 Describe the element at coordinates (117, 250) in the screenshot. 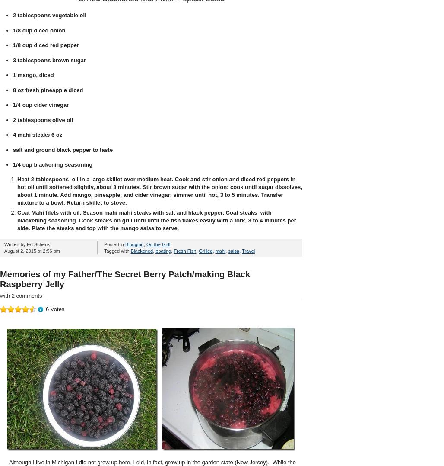

I see `'Tagged with'` at that location.